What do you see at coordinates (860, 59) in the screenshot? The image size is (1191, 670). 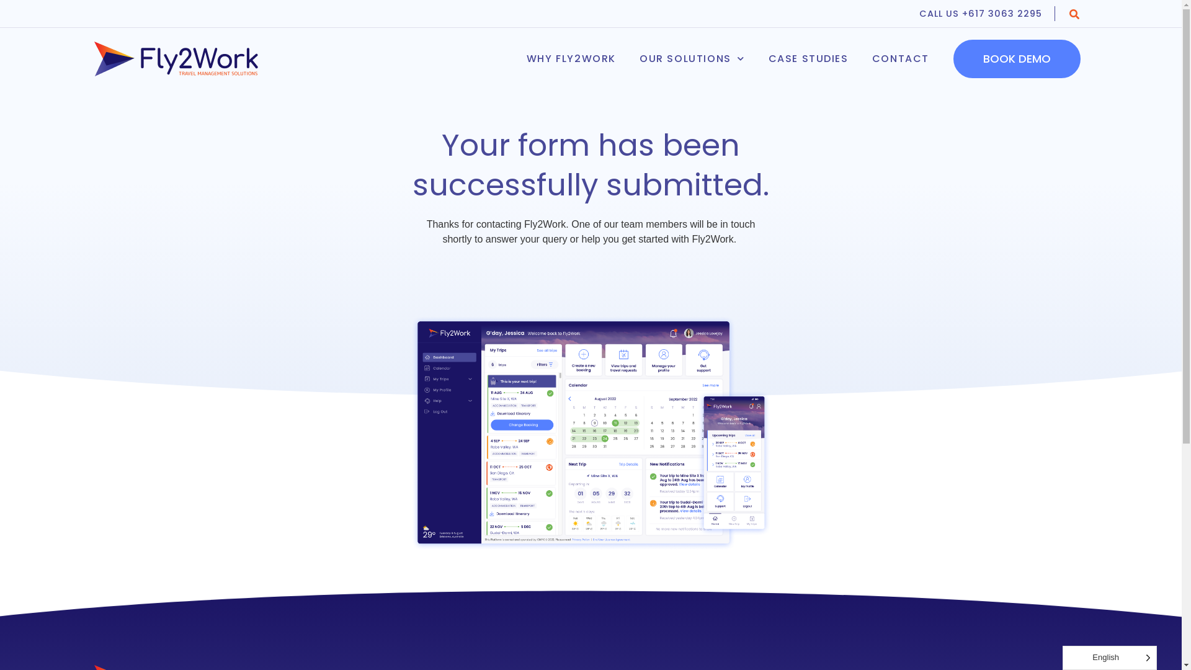 I see `'CONTACT'` at bounding box center [860, 59].